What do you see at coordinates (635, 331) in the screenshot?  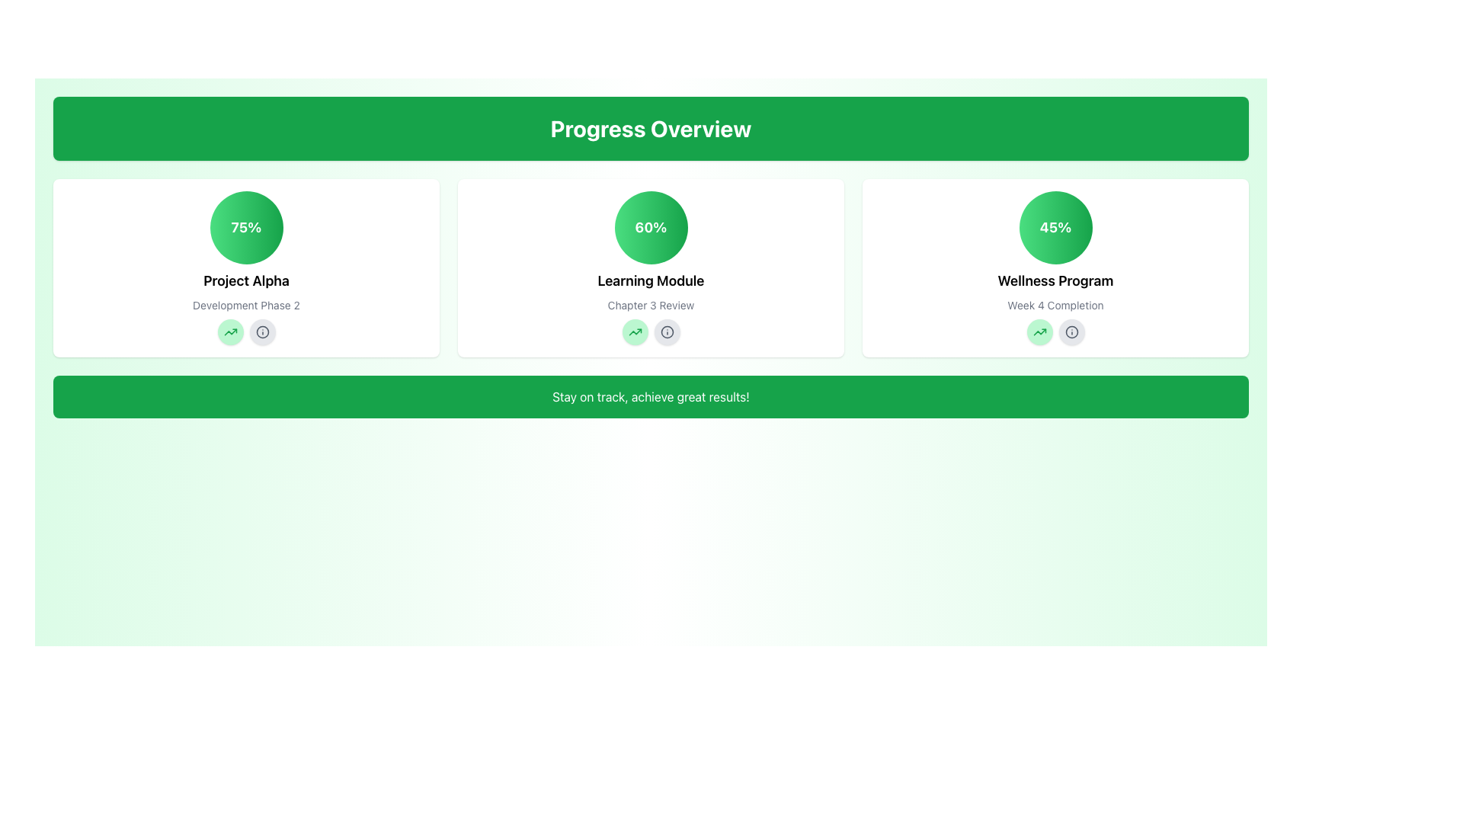 I see `the upward arrow SVG icon, which is characterized by a bold green stroke and represents progress, located beneath the 'Project Alpha' section` at bounding box center [635, 331].